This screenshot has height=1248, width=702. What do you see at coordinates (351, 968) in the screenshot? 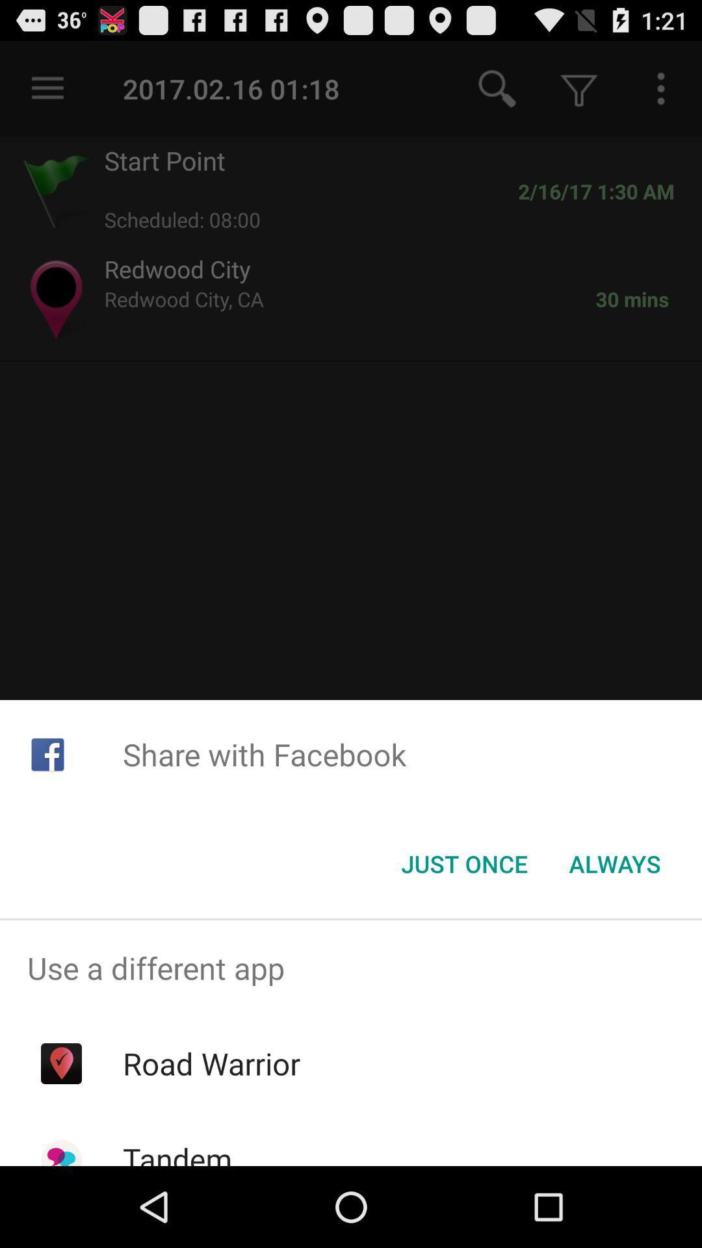
I see `the item above the road warrior` at bounding box center [351, 968].